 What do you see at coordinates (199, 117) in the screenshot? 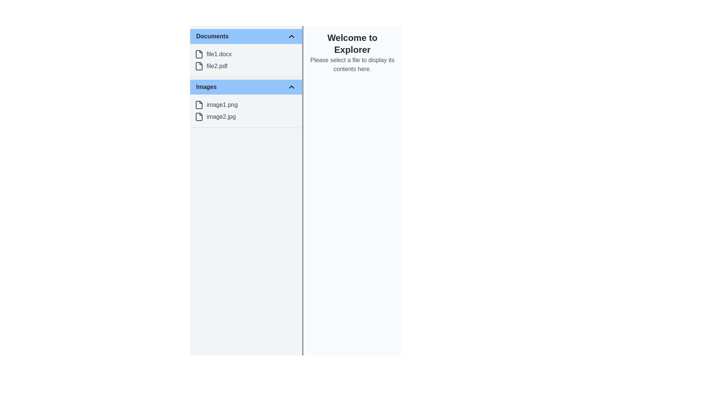
I see `the file icon for 'image2.jpg' in the Images section of the left navigation panel, which is represented by a rectangular shape with a folded corner` at bounding box center [199, 117].